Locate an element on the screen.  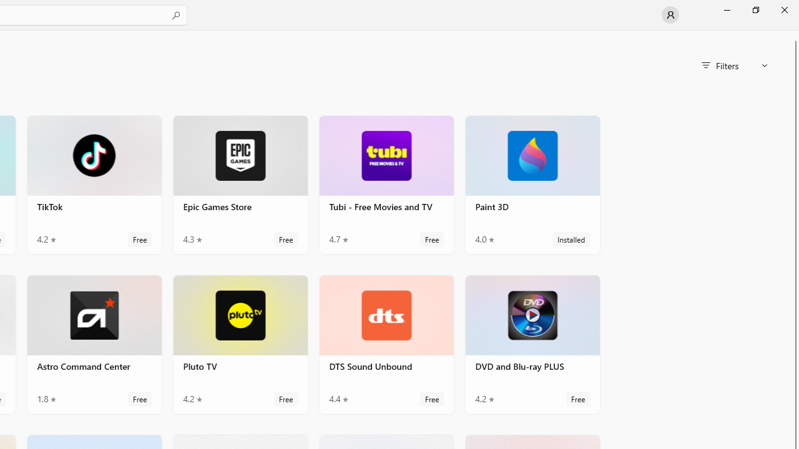
'Minimize Microsoft Store' is located at coordinates (727, 9).